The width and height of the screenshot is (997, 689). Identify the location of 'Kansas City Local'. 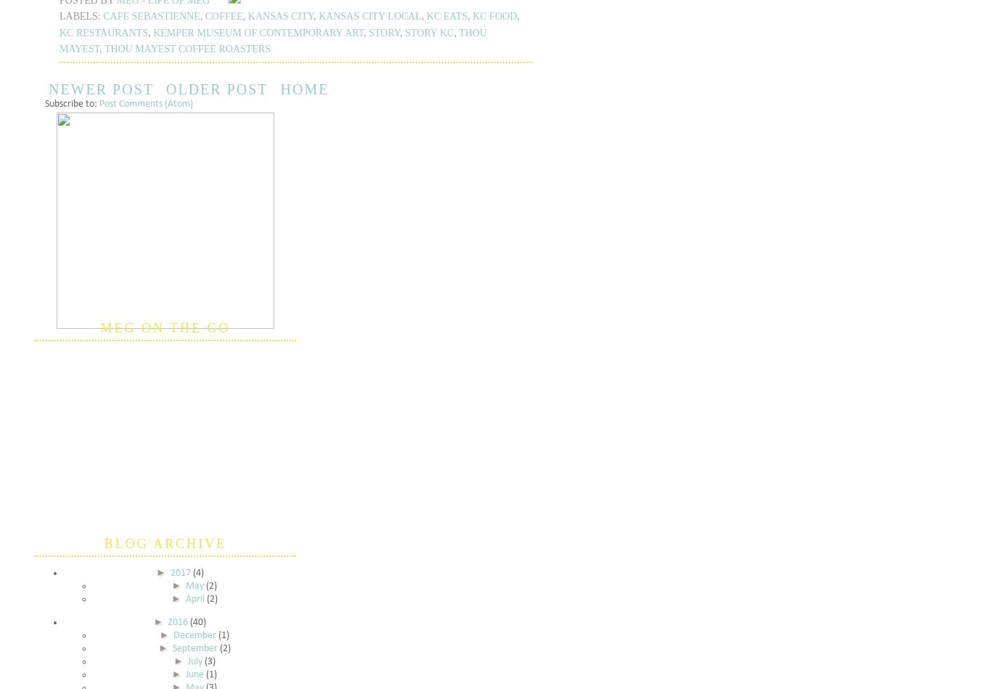
(370, 16).